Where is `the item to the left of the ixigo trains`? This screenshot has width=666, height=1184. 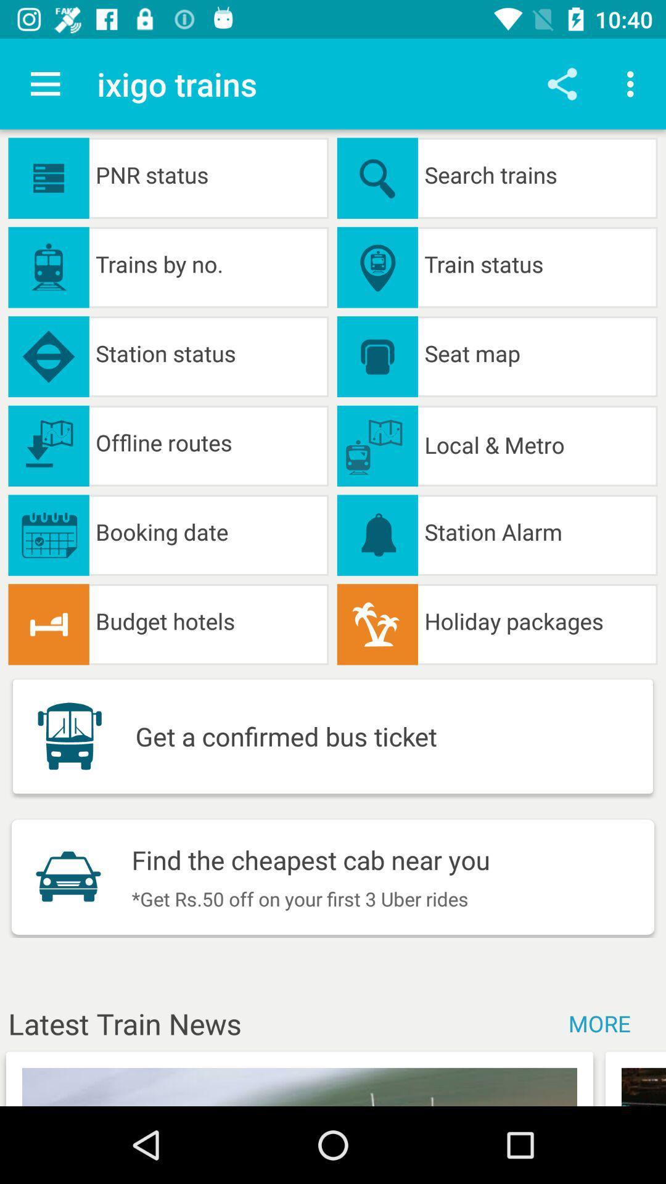 the item to the left of the ixigo trains is located at coordinates (44, 83).